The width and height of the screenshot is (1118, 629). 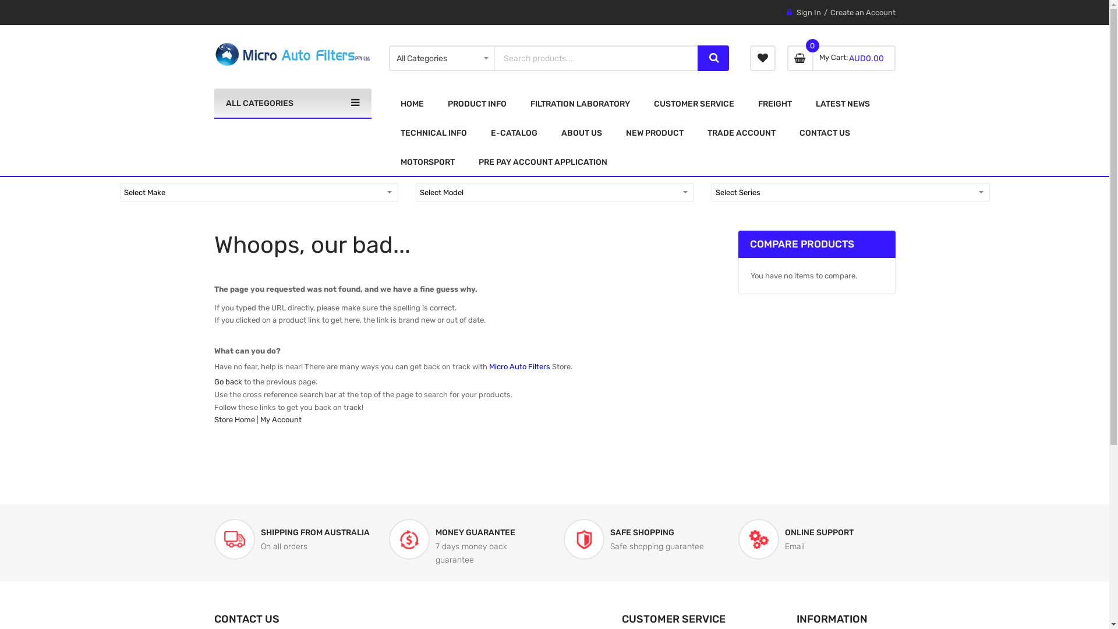 What do you see at coordinates (234, 419) in the screenshot?
I see `'Store Home'` at bounding box center [234, 419].